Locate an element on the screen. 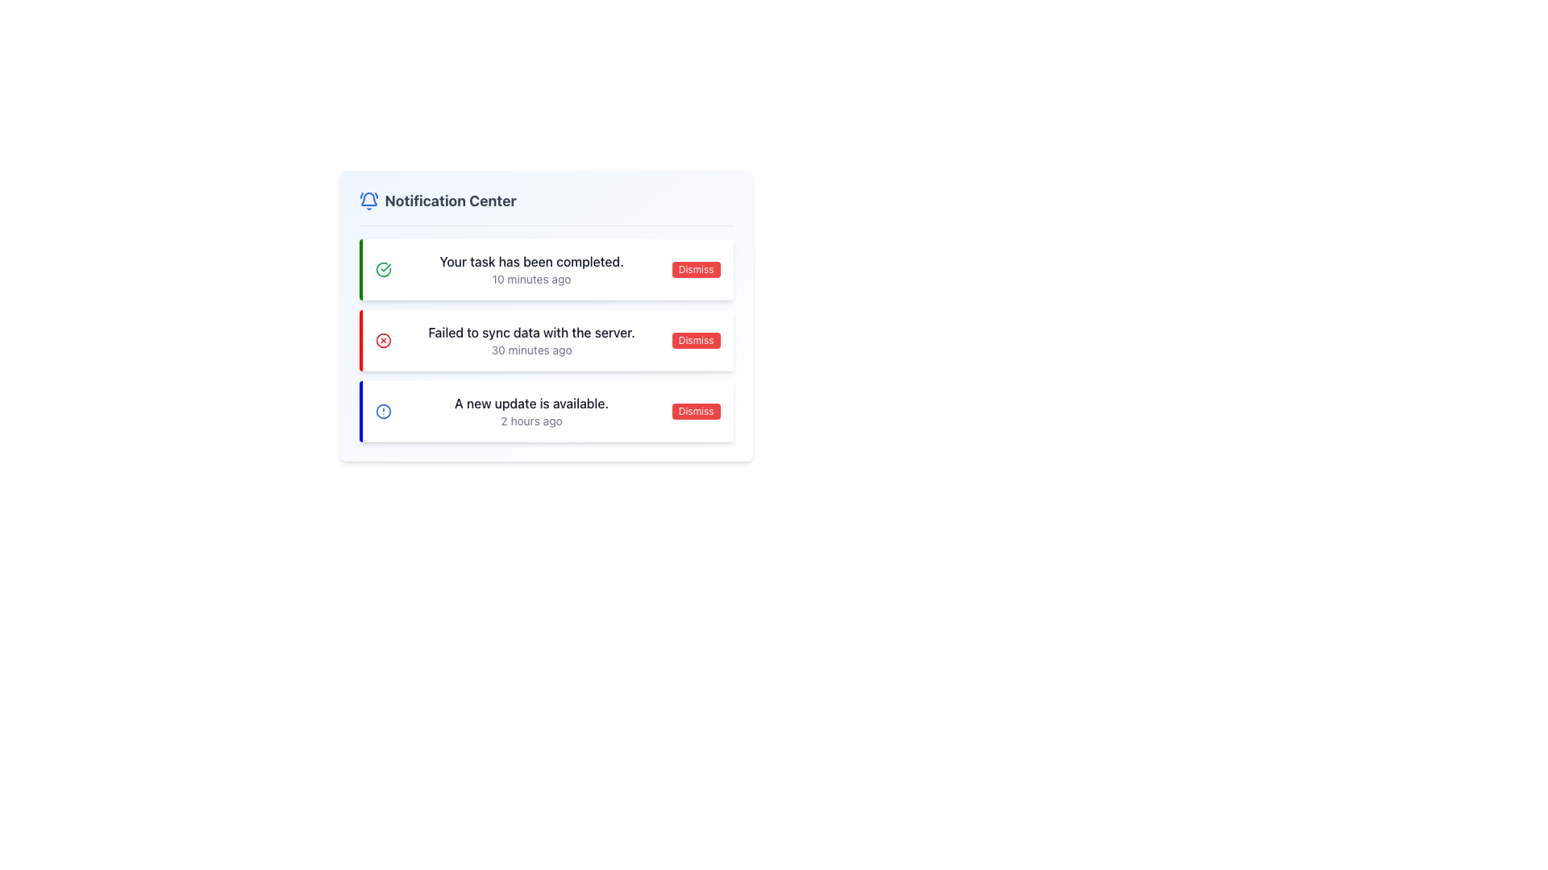  the text label that displays 'Your task has been completed.' in the notification center, which is styled with a medium-weight font and dark gray color is located at coordinates (531, 260).